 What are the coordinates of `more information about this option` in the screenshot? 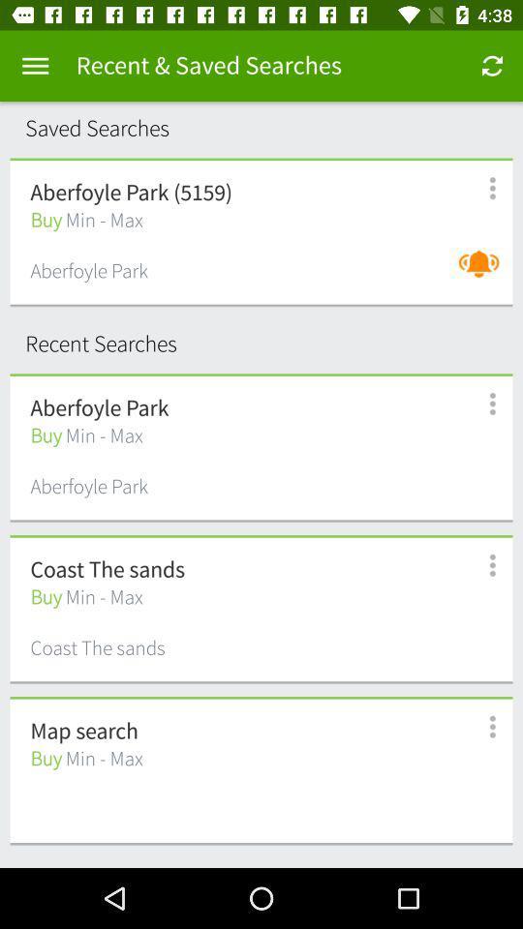 It's located at (480, 188).